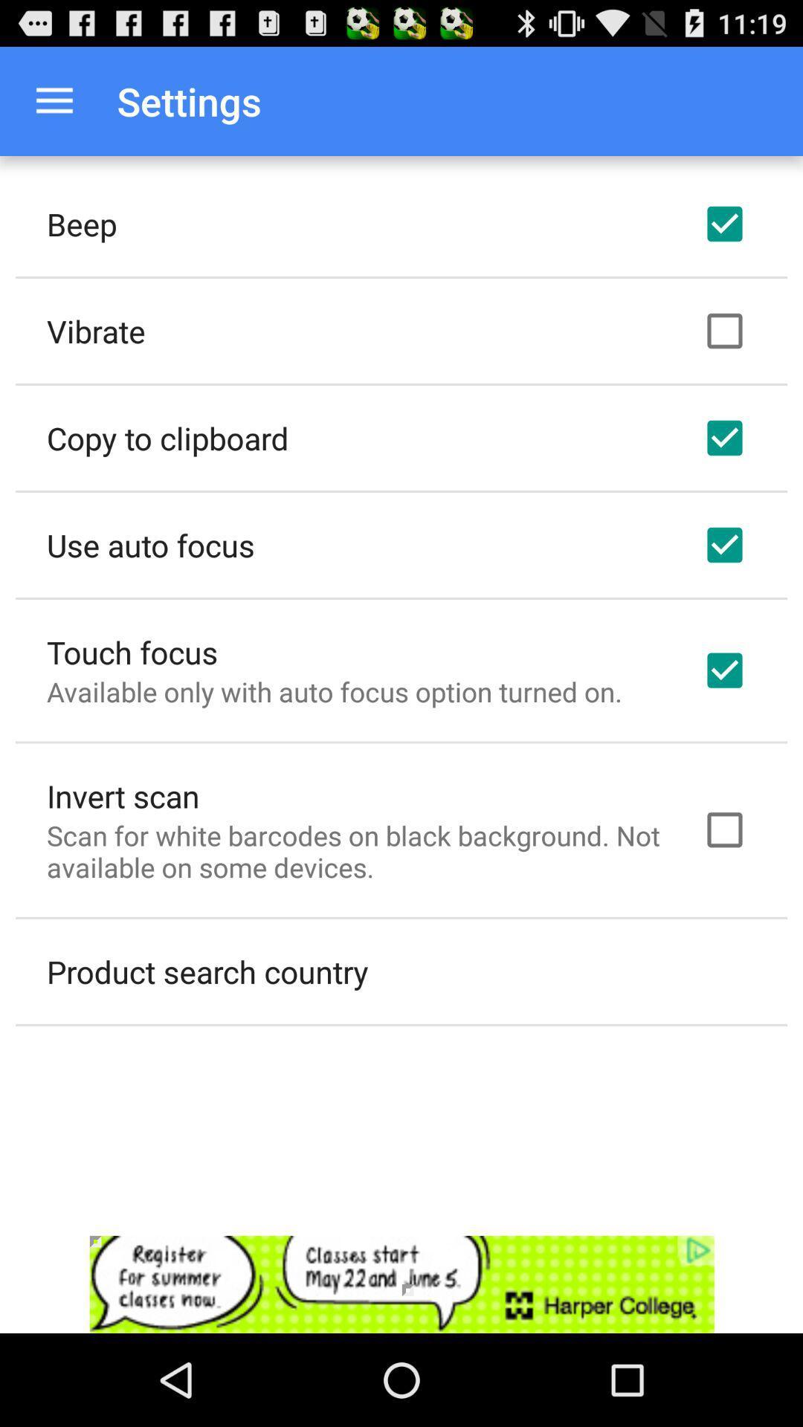 The image size is (803, 1427). Describe the element at coordinates (724, 670) in the screenshot. I see `the icon right to touch focus` at that location.